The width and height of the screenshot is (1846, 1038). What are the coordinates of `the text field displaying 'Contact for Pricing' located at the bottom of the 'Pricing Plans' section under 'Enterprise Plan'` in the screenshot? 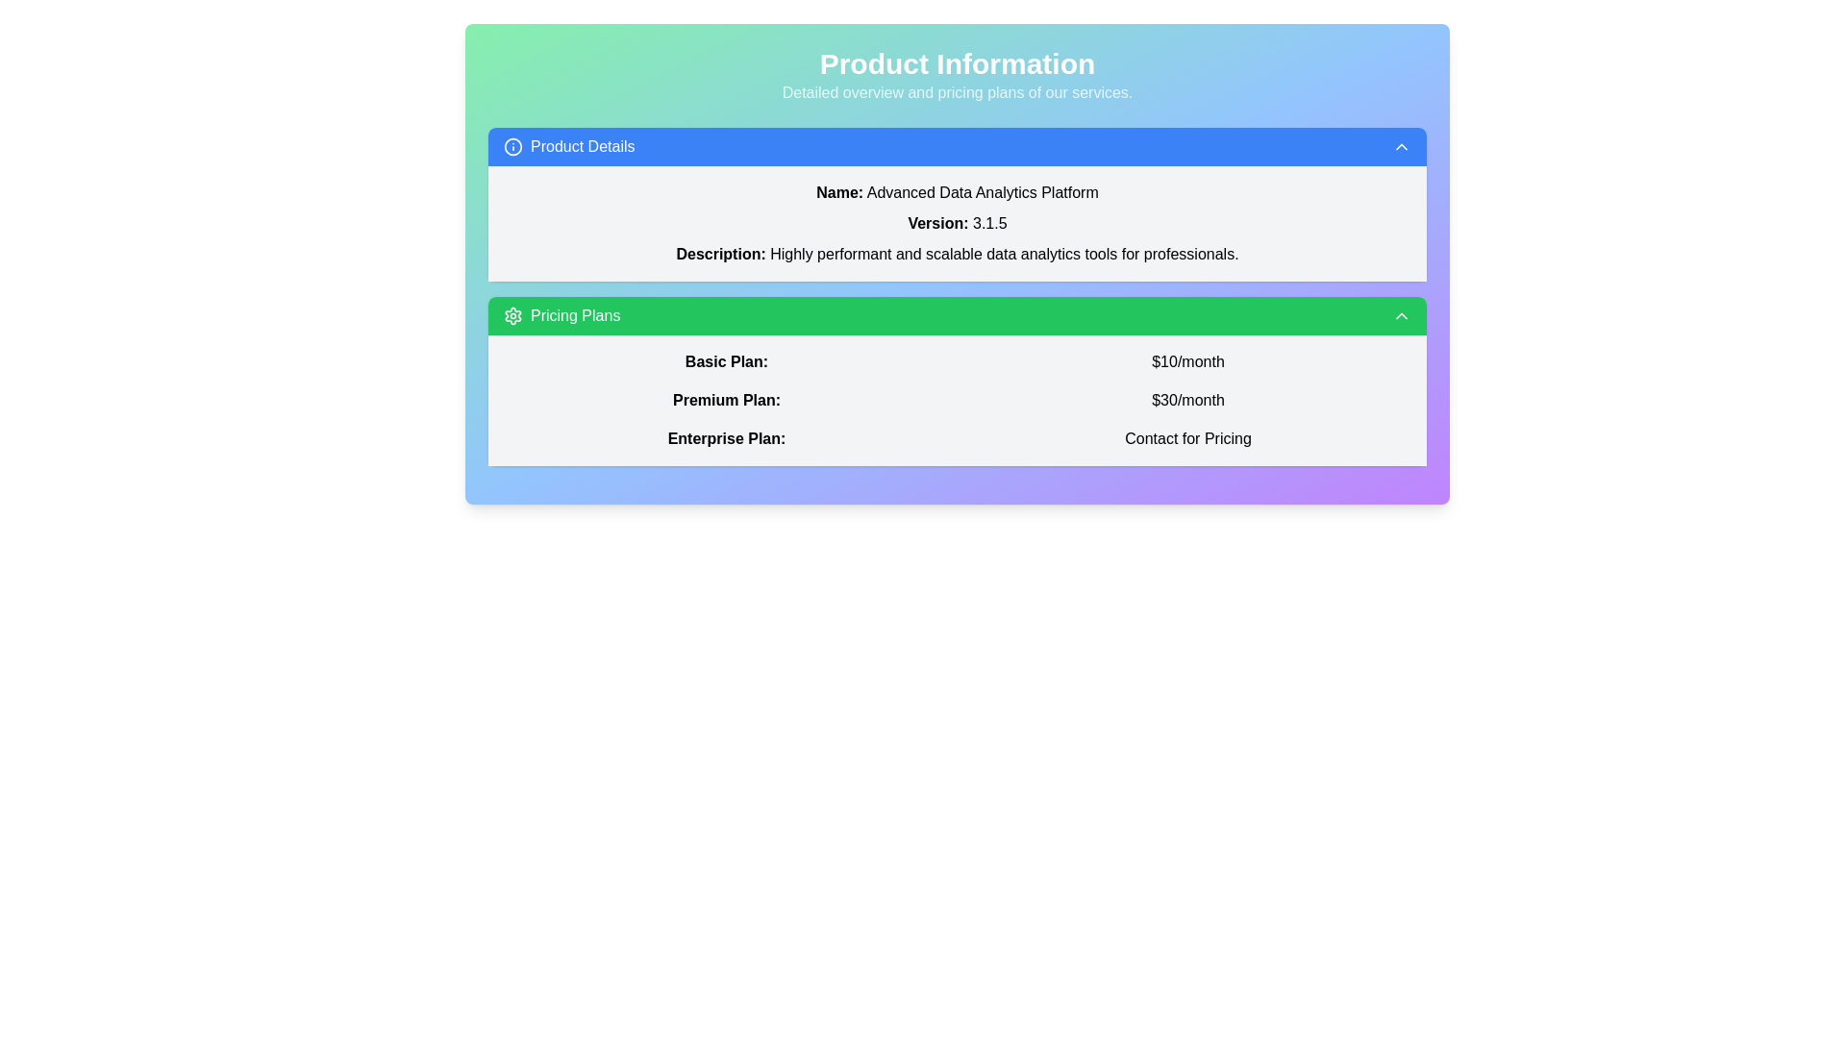 It's located at (1187, 438).